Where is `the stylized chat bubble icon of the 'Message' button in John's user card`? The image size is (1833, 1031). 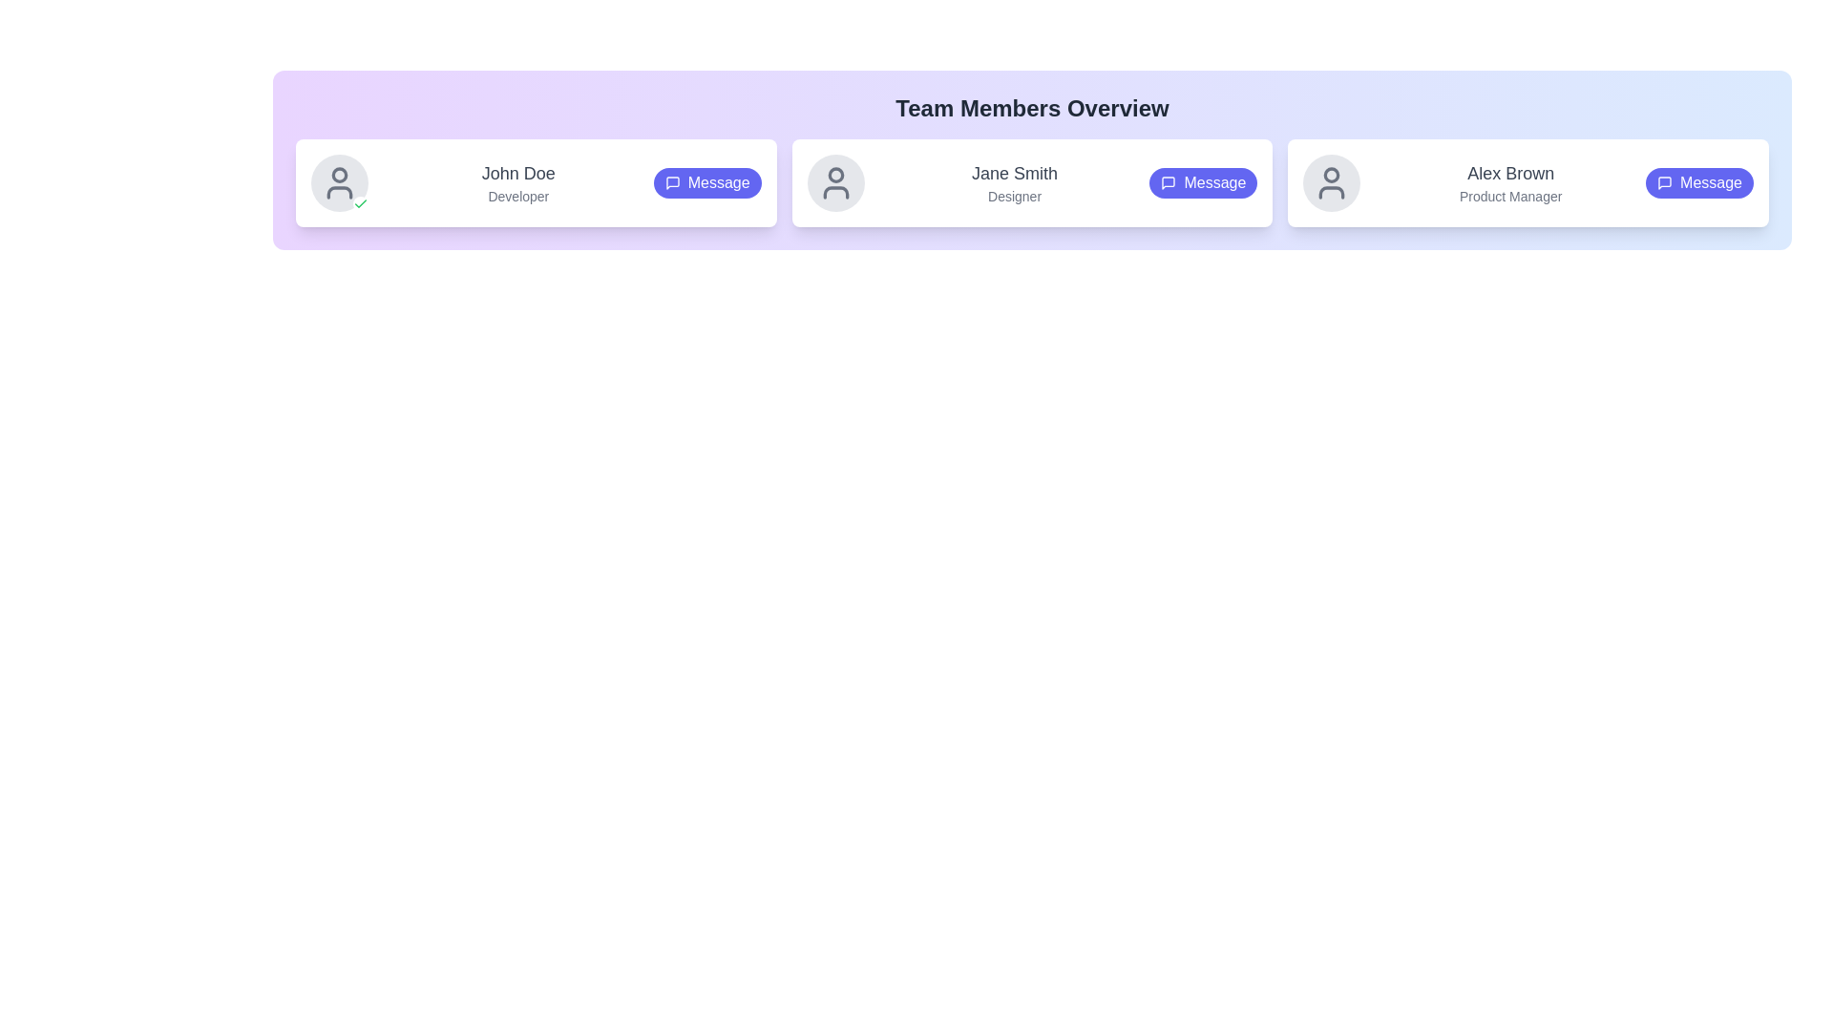
the stylized chat bubble icon of the 'Message' button in John's user card is located at coordinates (672, 183).